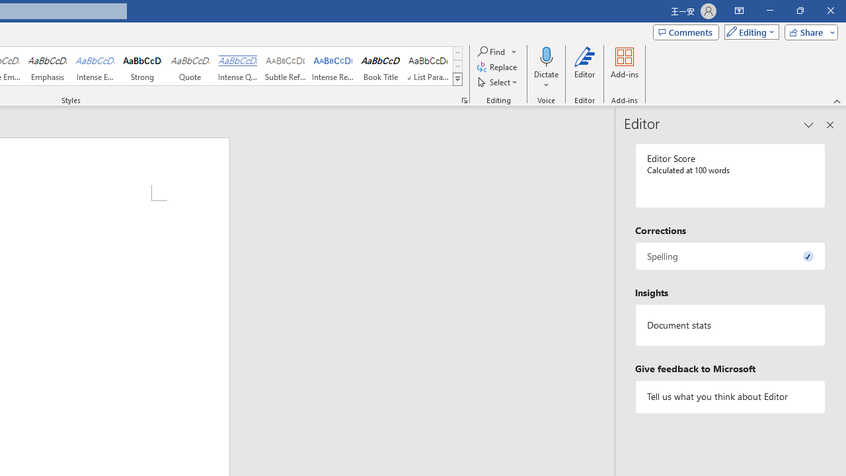  I want to click on 'Strong', so click(143, 66).